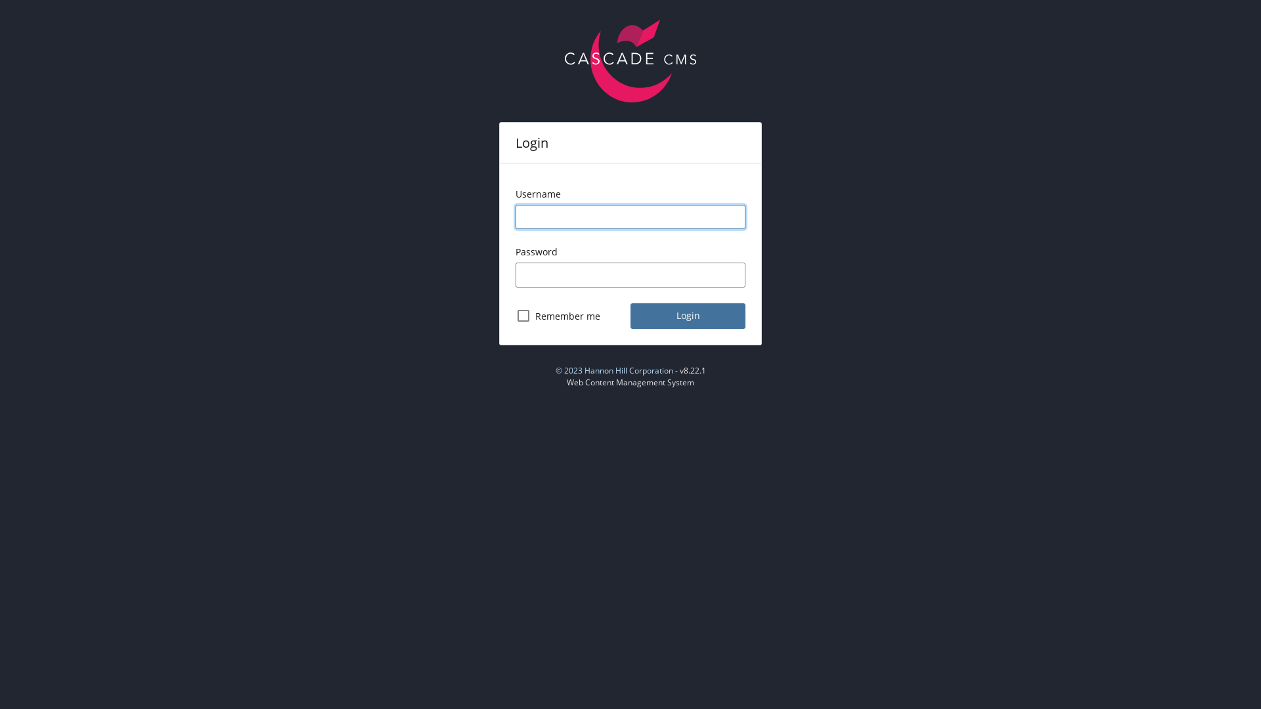 The image size is (1261, 709). What do you see at coordinates (687, 316) in the screenshot?
I see `'Login'` at bounding box center [687, 316].